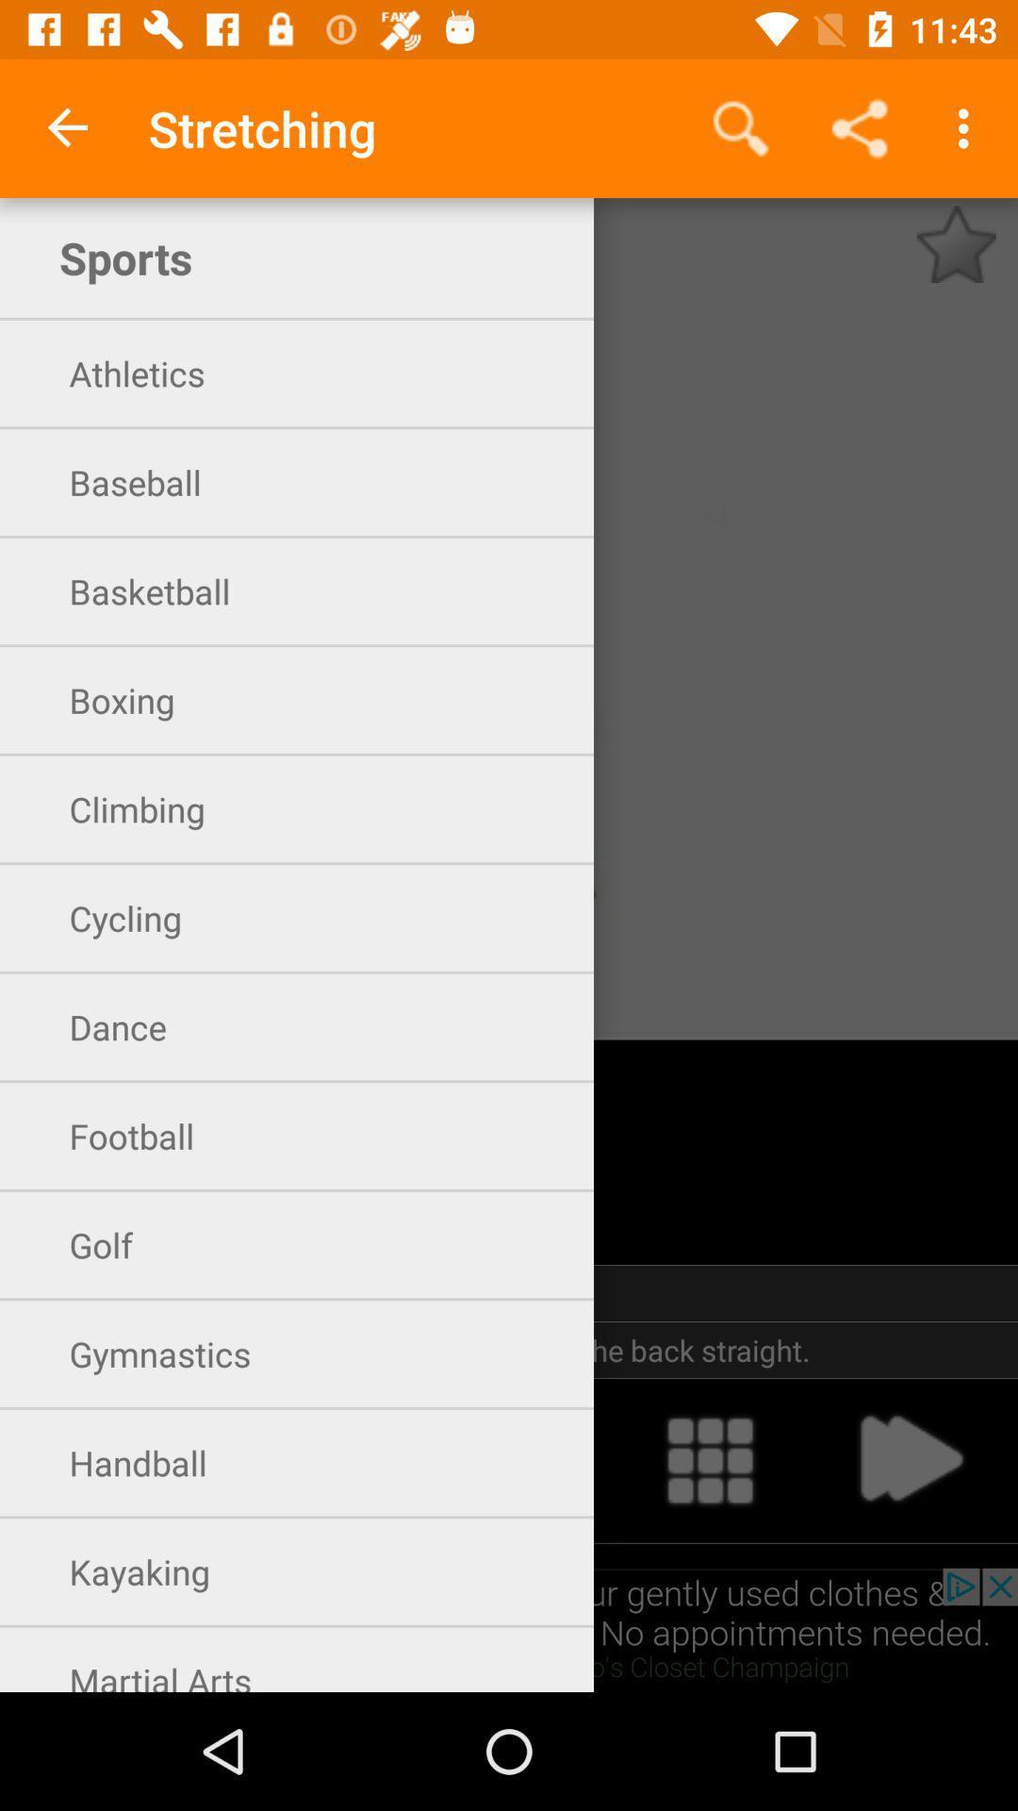 The image size is (1018, 1811). Describe the element at coordinates (509, 1349) in the screenshot. I see `the item below 30 seconds  icon` at that location.